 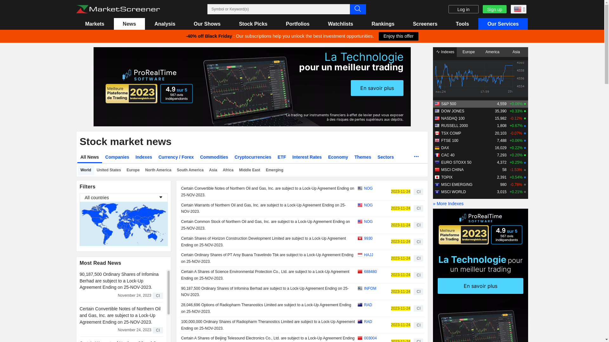 What do you see at coordinates (200, 157) in the screenshot?
I see `'Commodities'` at bounding box center [200, 157].